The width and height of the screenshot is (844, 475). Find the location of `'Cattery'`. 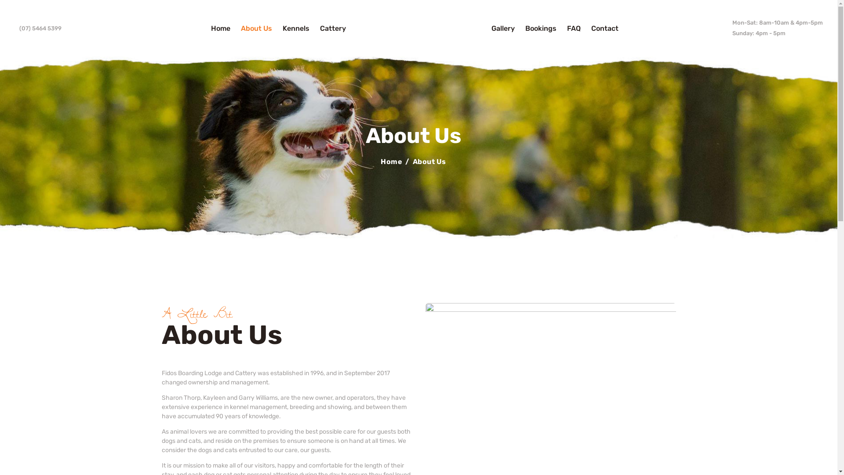

'Cattery' is located at coordinates (332, 28).